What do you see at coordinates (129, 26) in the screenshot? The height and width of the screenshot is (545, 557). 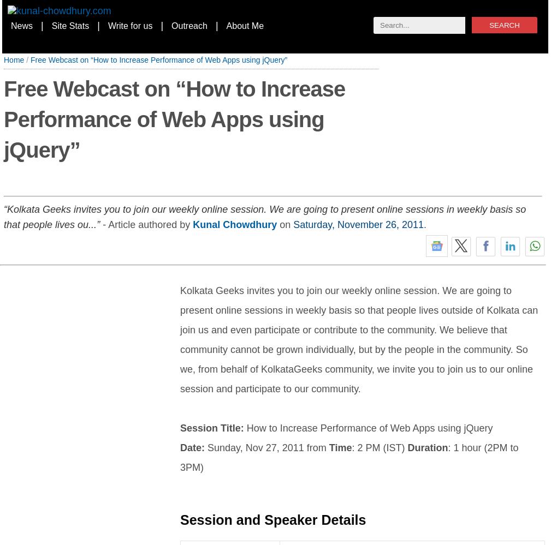 I see `'Write for us'` at bounding box center [129, 26].